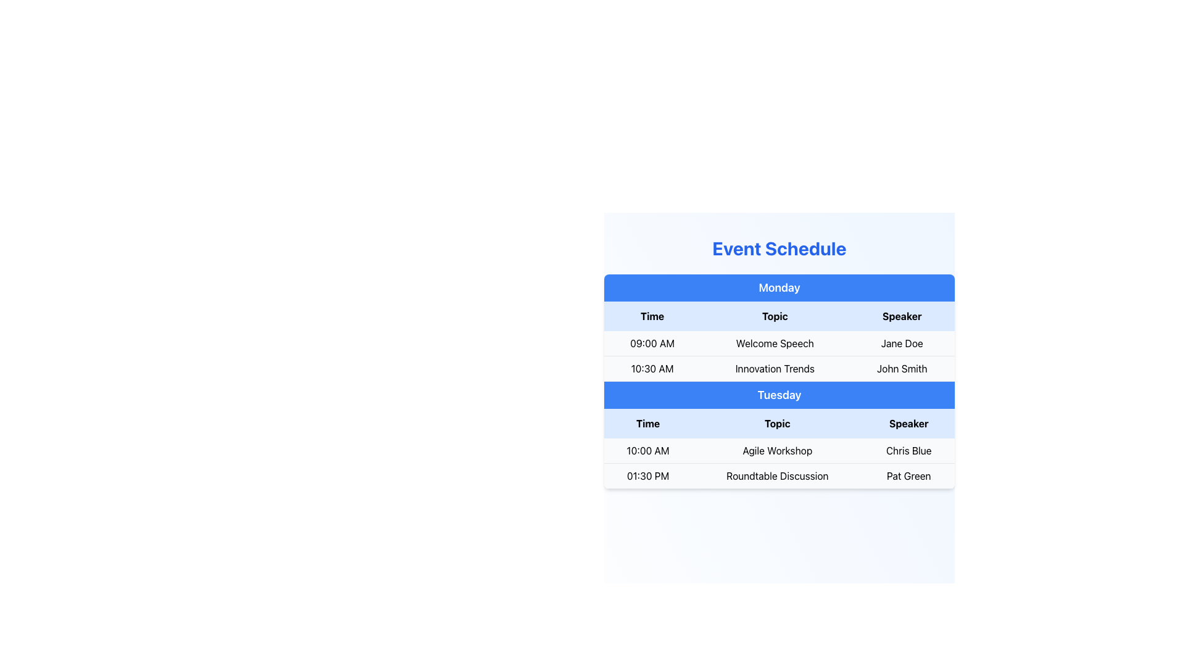 Image resolution: width=1185 pixels, height=666 pixels. I want to click on the static text label indicating the scheduled time for the 'Agile Workshop' event, located in the first cell of the second row for 'Tuesday' in the table, so click(647, 451).